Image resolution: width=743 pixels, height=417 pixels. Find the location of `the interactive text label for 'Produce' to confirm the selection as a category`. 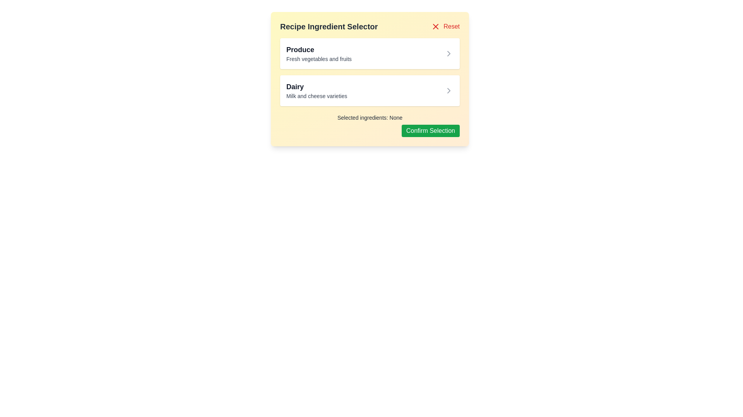

the interactive text label for 'Produce' to confirm the selection as a category is located at coordinates (319, 53).